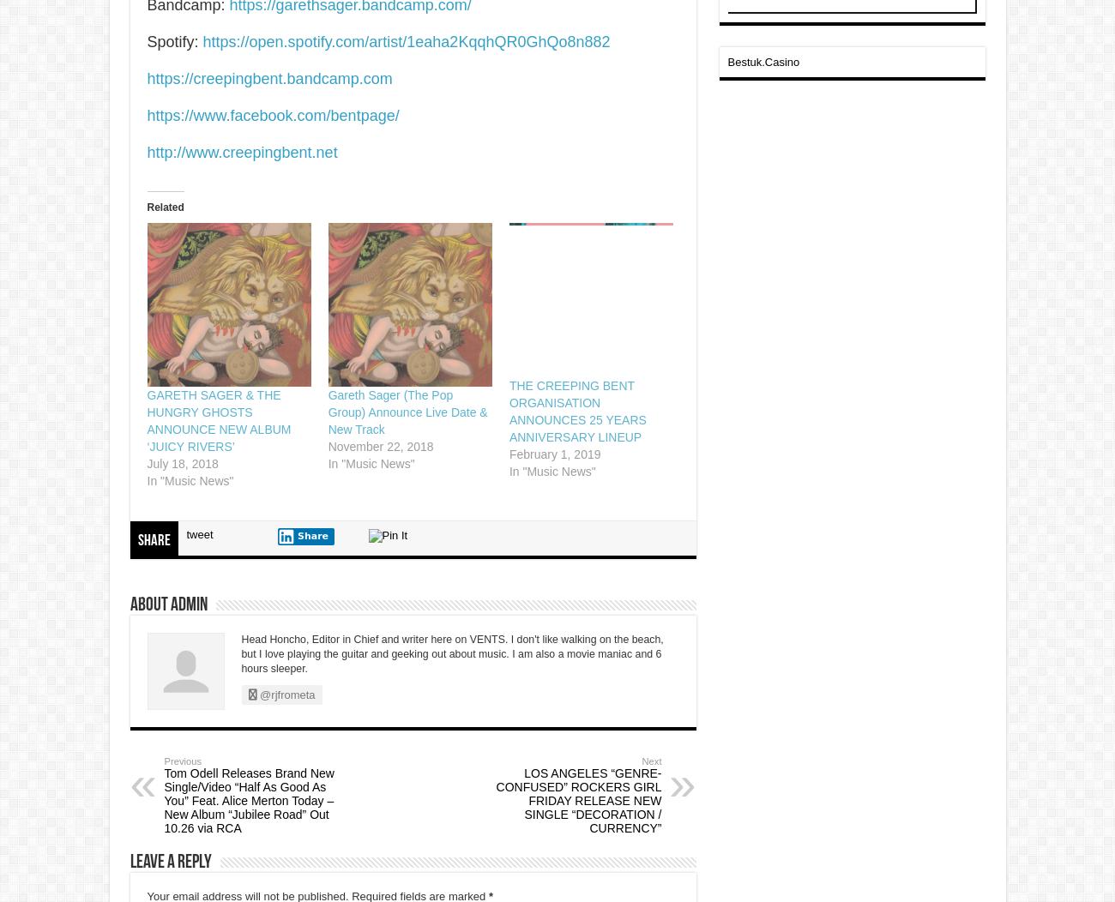 The height and width of the screenshot is (902, 1115). I want to click on 'https://open.spotify.com/artist/1eaha2KqqhQR0GhQo8n882', so click(405, 41).